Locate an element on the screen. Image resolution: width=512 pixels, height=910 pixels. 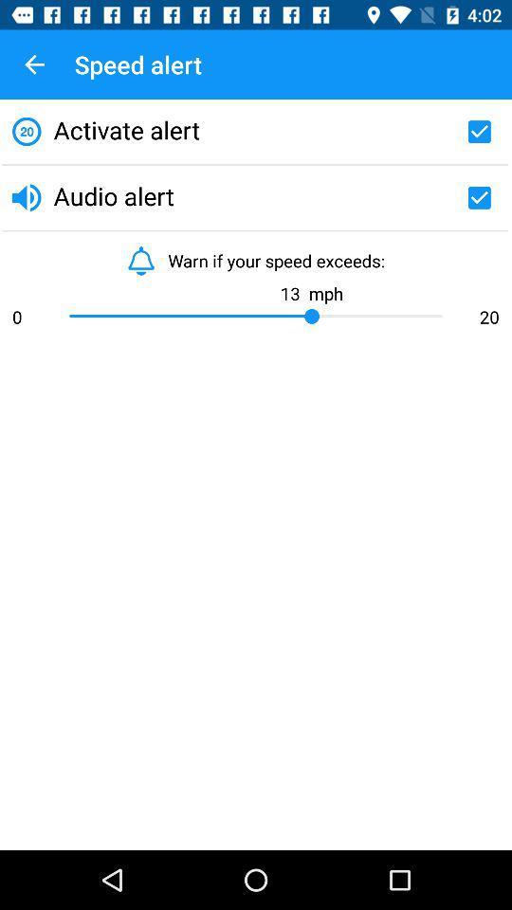
the item to the left of the speed alert icon is located at coordinates (34, 64).